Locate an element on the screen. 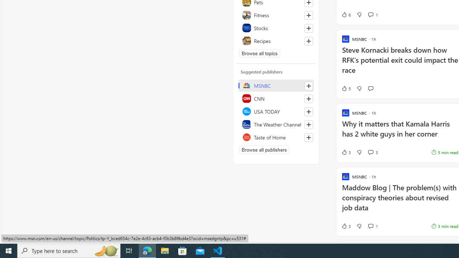  'Taste of Home' is located at coordinates (276, 137).